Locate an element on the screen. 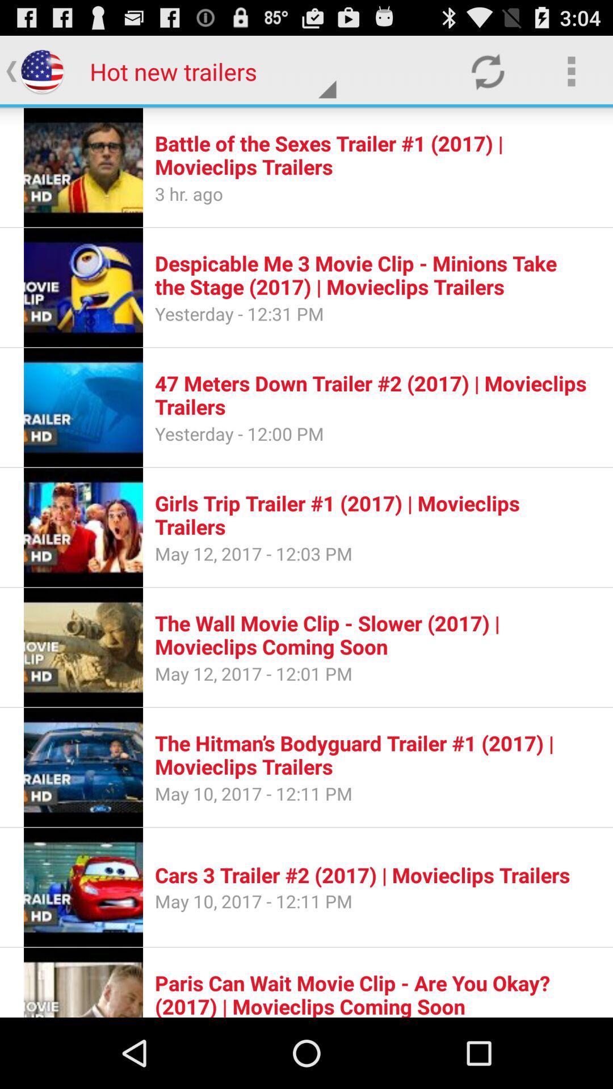 The width and height of the screenshot is (613, 1089). the item to the right of hot new trailers icon is located at coordinates (487, 70).